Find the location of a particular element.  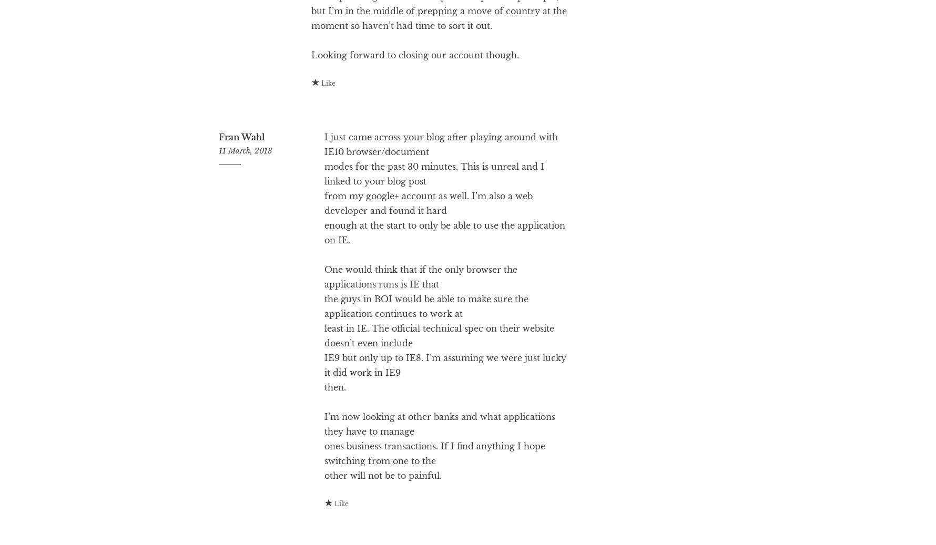

'Fran Wahl' is located at coordinates (218, 178).